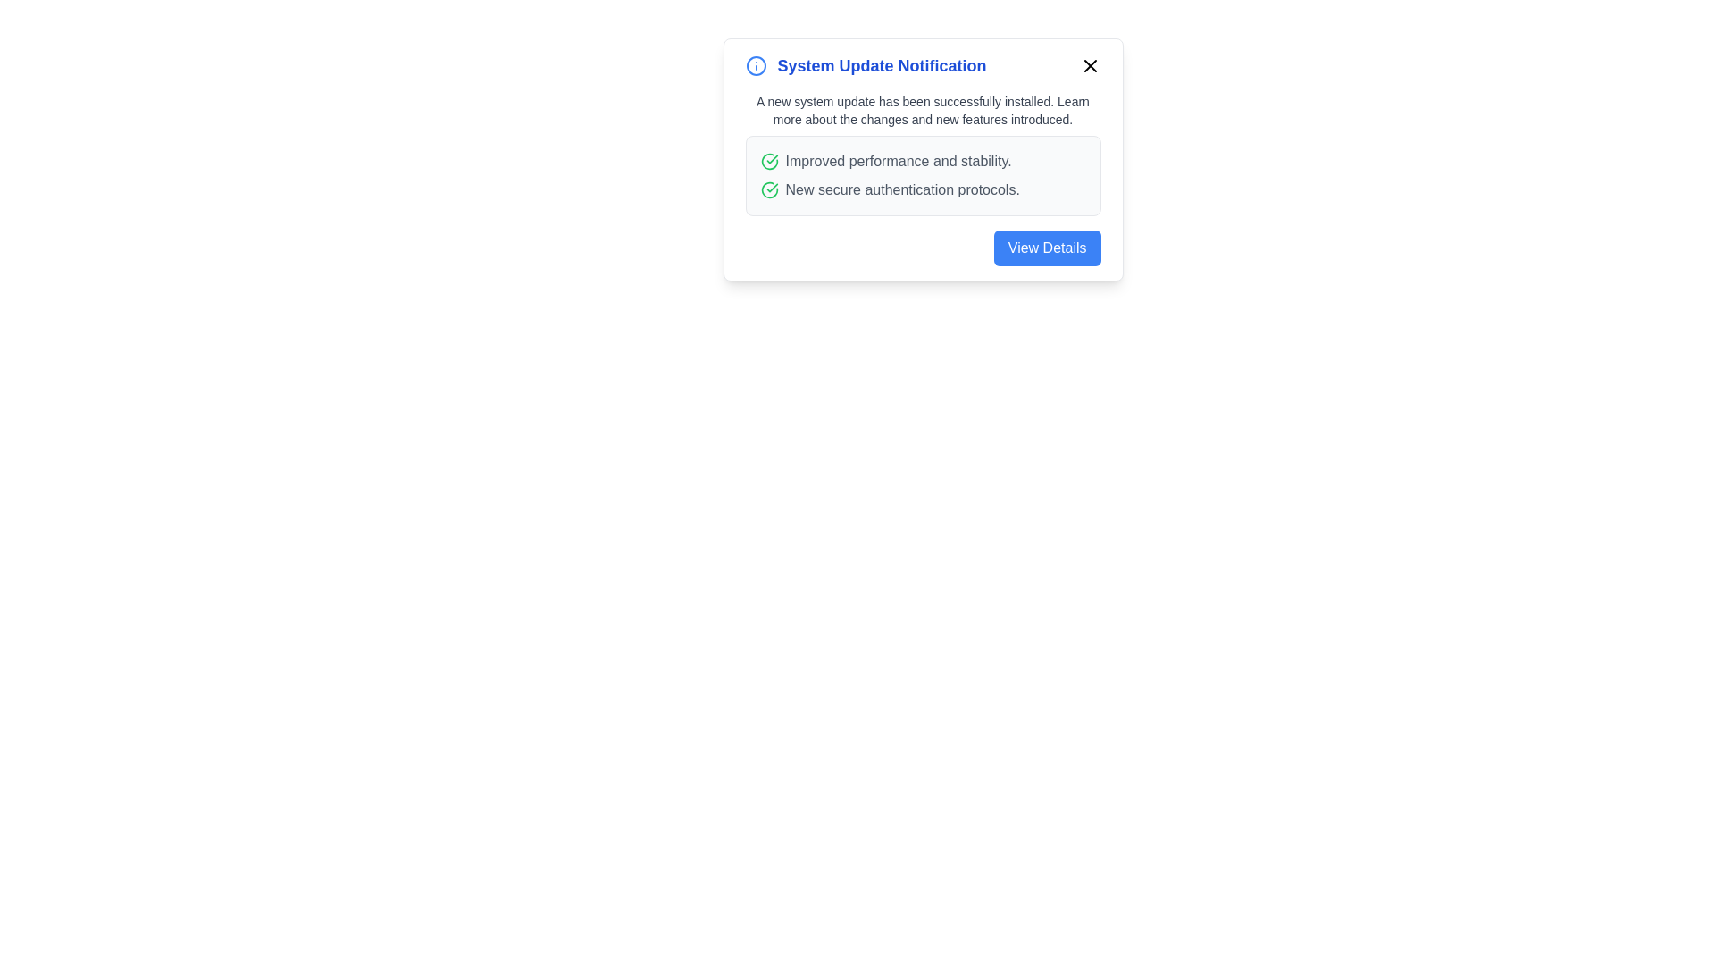 Image resolution: width=1715 pixels, height=965 pixels. I want to click on the close button to dismiss the notification, so click(1089, 64).